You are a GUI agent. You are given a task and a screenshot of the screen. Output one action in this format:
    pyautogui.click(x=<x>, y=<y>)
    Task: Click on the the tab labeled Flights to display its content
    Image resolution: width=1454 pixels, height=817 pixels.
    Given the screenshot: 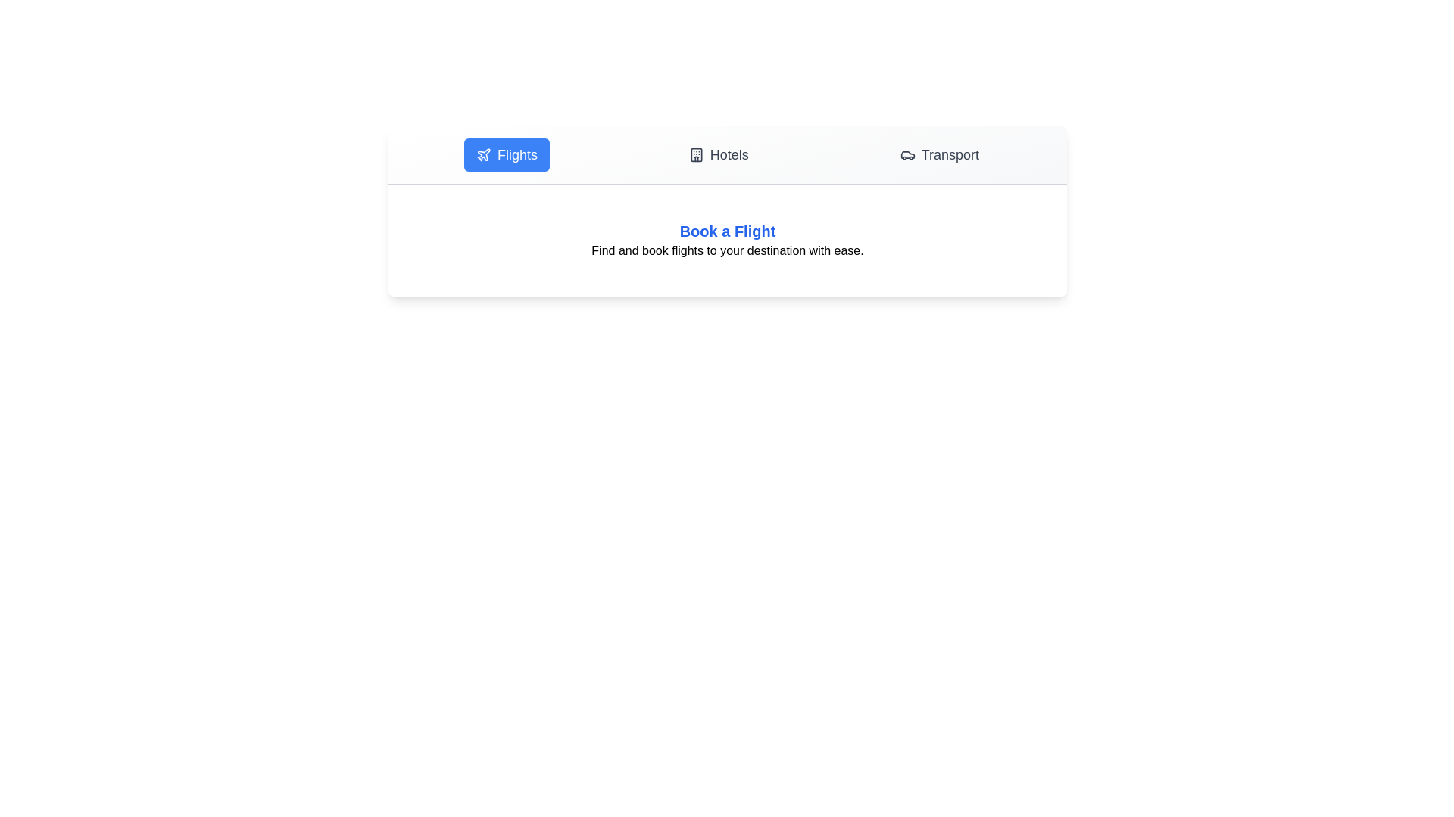 What is the action you would take?
    pyautogui.click(x=506, y=154)
    